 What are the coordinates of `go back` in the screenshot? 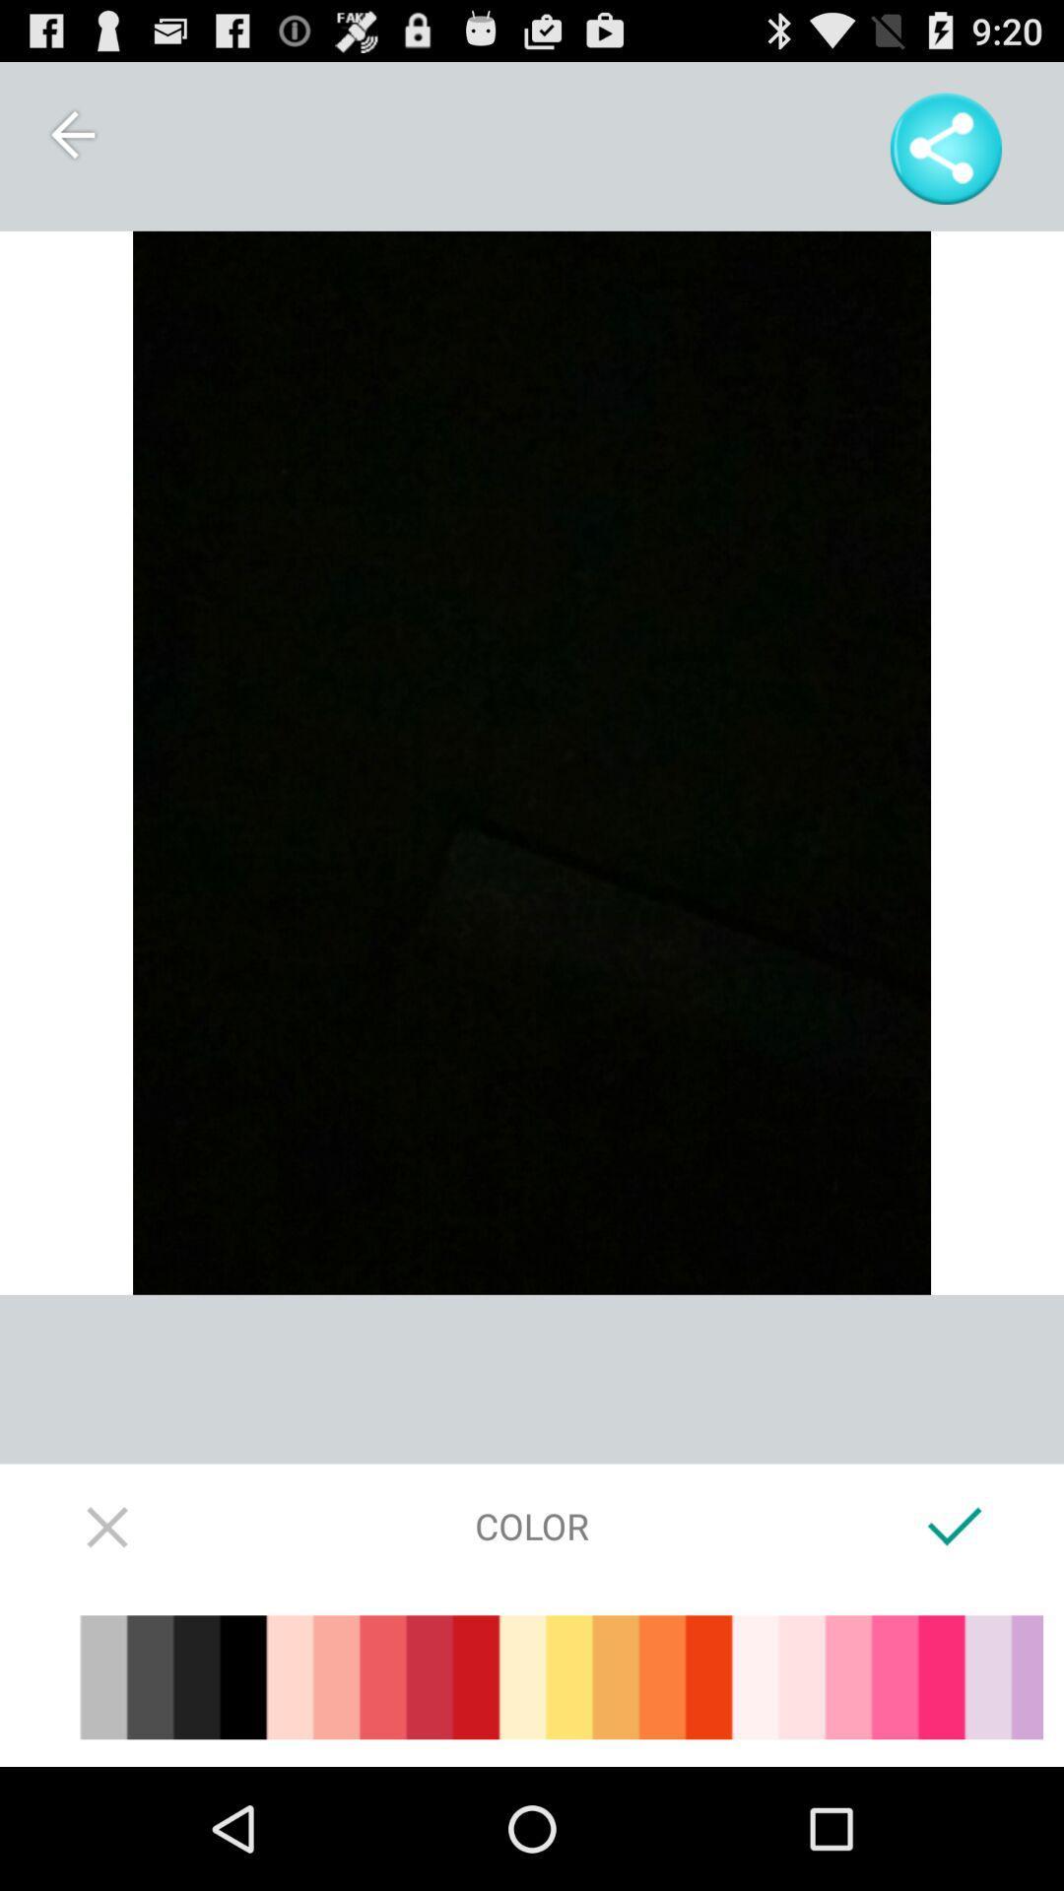 It's located at (71, 133).